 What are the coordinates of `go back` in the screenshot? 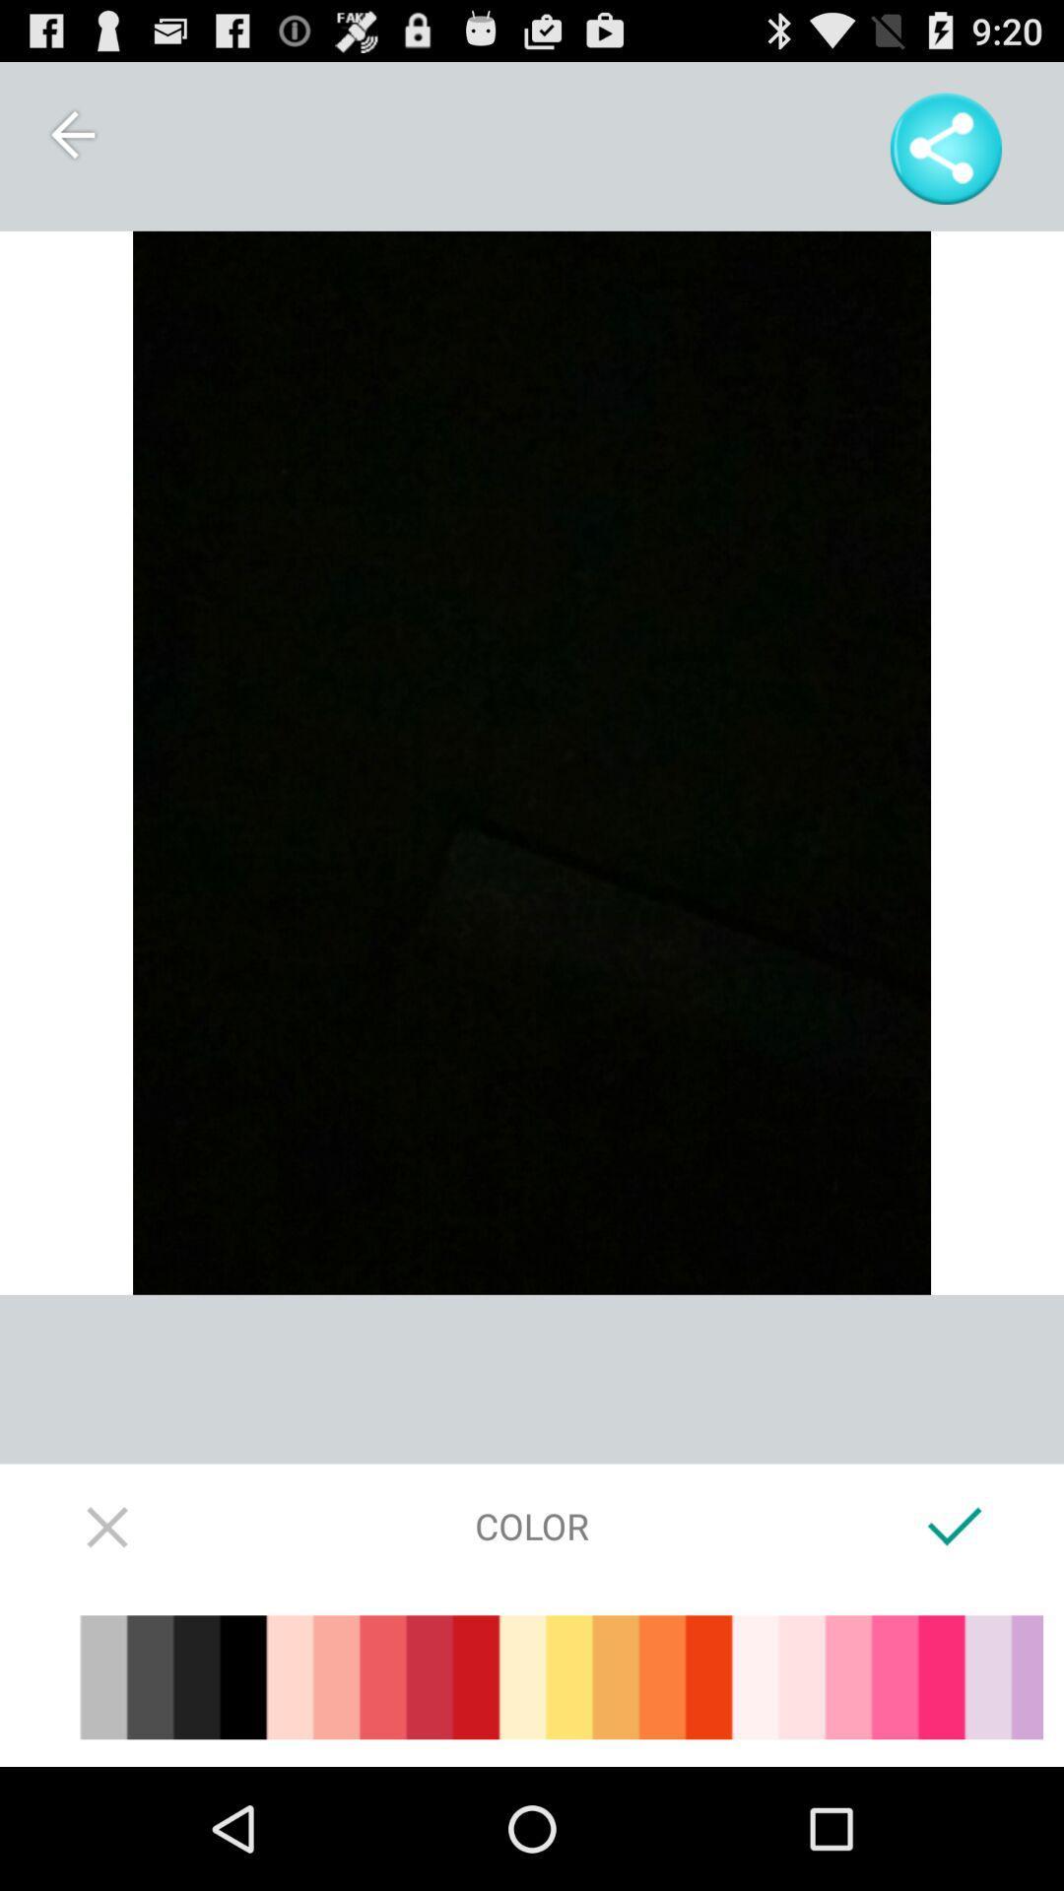 It's located at (71, 133).